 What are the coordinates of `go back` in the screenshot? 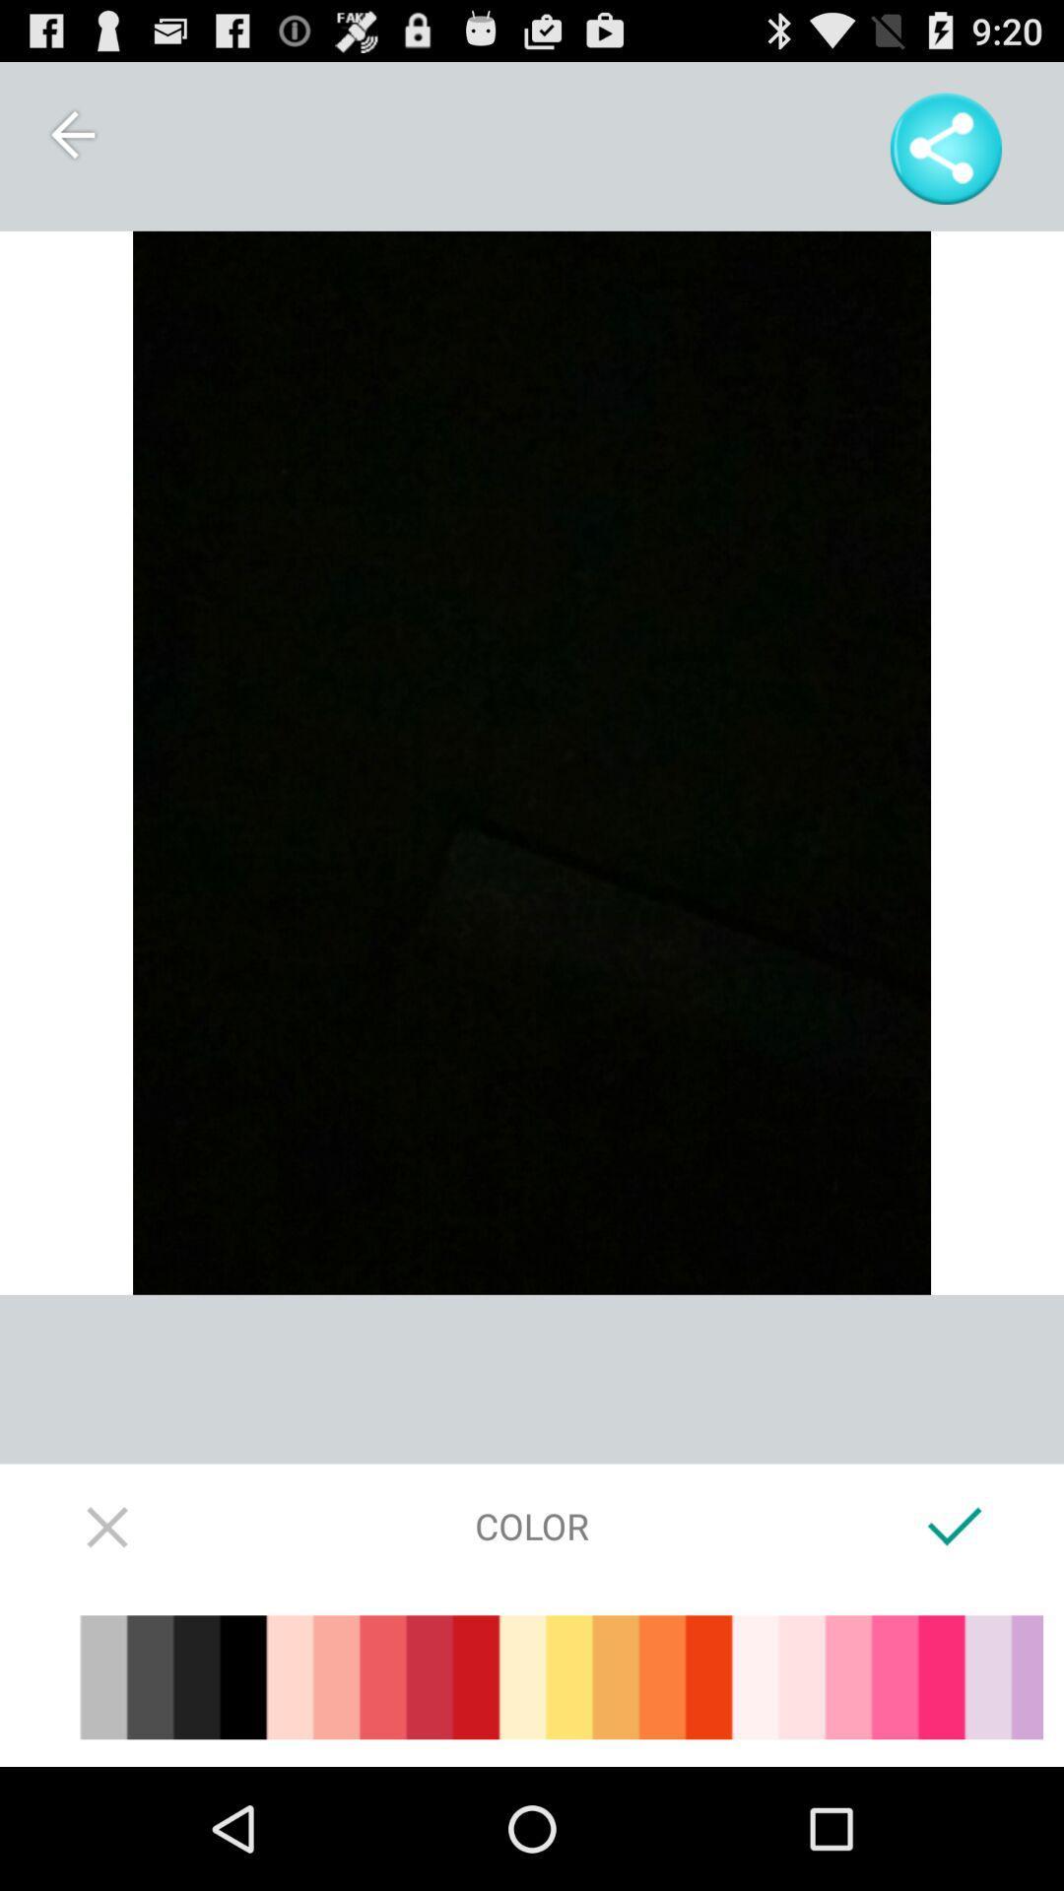 It's located at (71, 133).